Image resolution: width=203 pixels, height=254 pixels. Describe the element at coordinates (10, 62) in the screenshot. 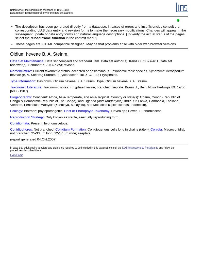

I see `'Data set reviewer(s): Schubert K.'` at that location.